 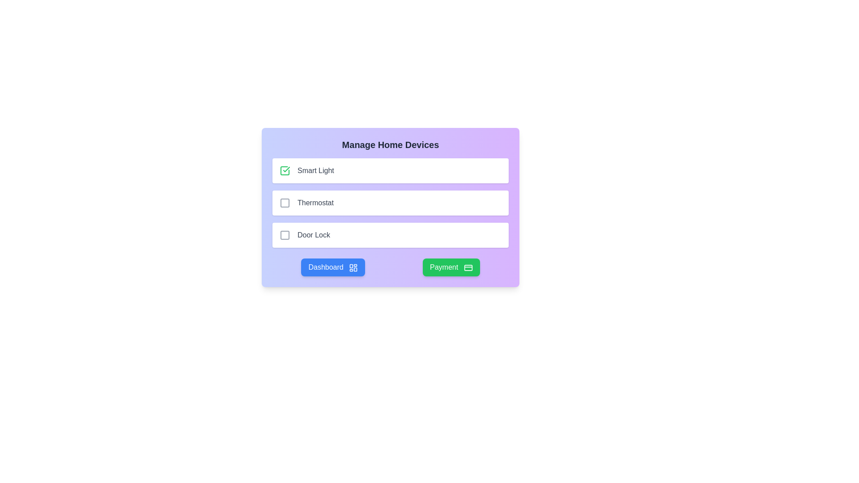 What do you see at coordinates (315, 170) in the screenshot?
I see `text label describing the 'Smart Light' list item, which is positioned to the right of a checkbox within the topmost card of the list` at bounding box center [315, 170].